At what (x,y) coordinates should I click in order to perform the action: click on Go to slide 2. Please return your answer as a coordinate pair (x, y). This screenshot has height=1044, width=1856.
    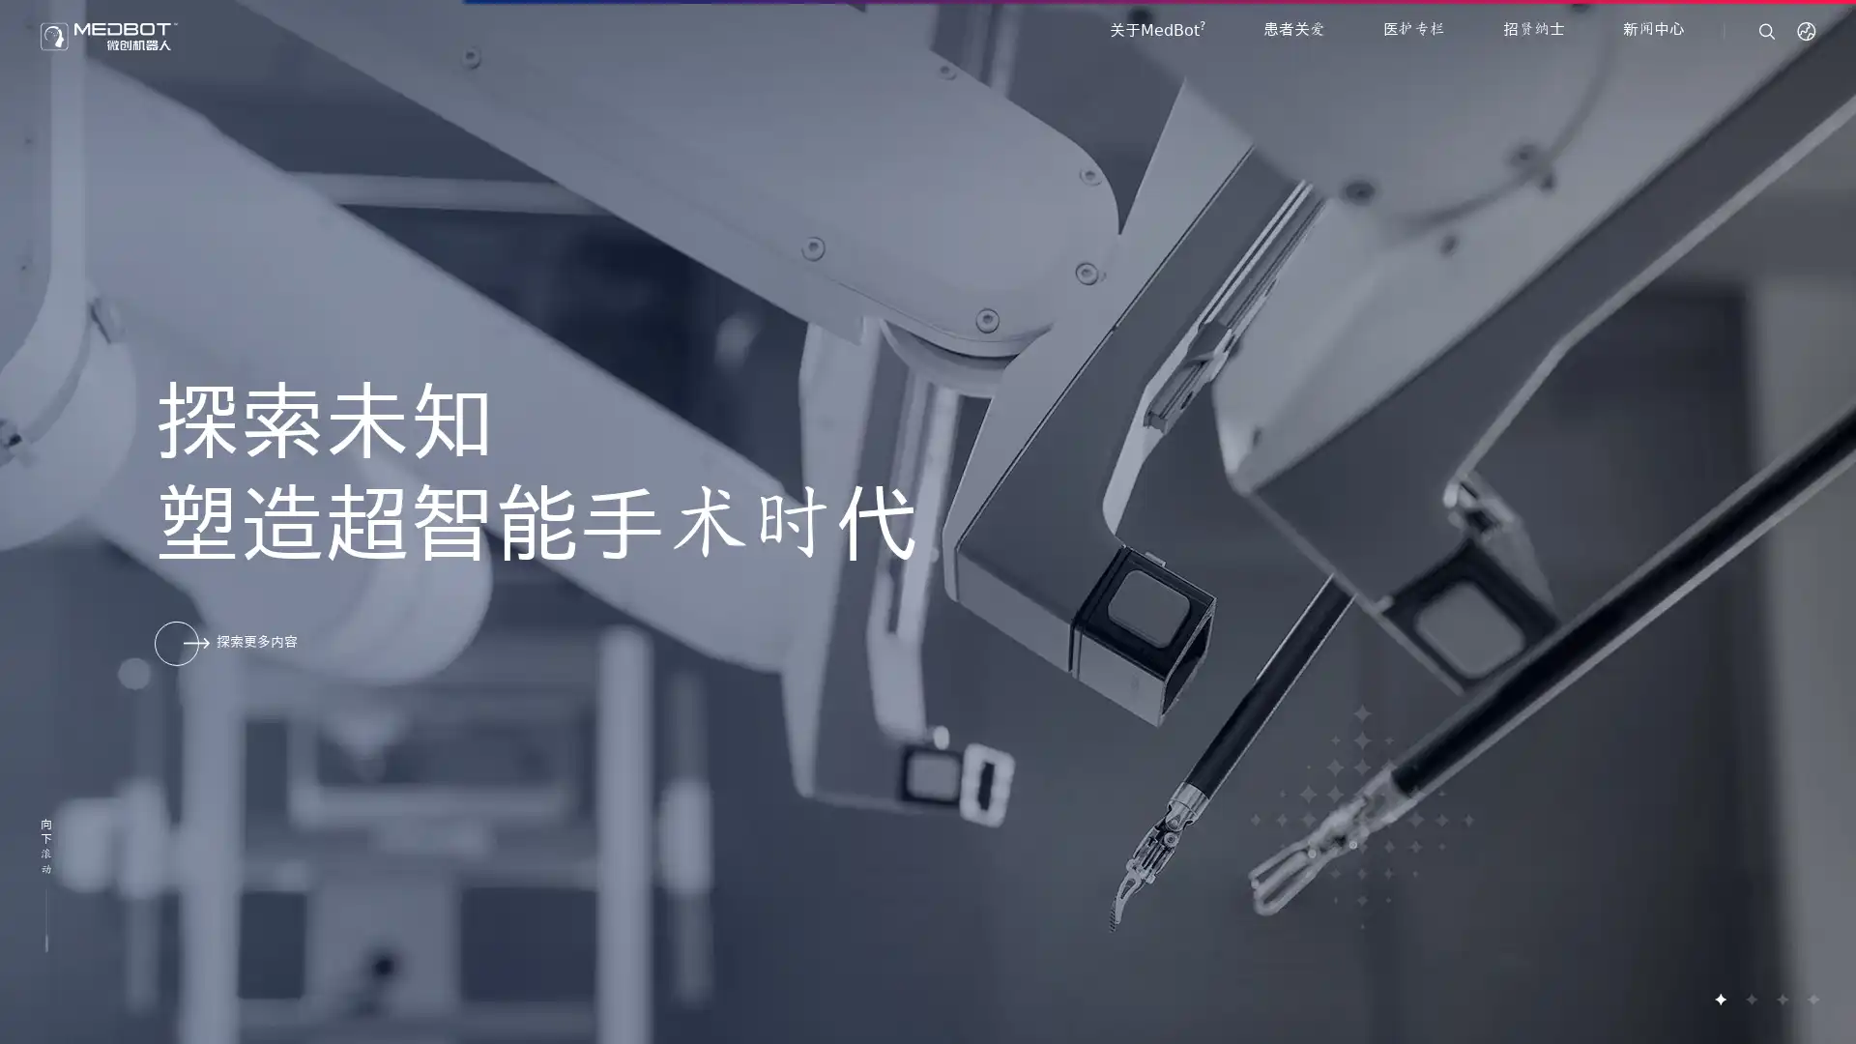
    Looking at the image, I should click on (1750, 999).